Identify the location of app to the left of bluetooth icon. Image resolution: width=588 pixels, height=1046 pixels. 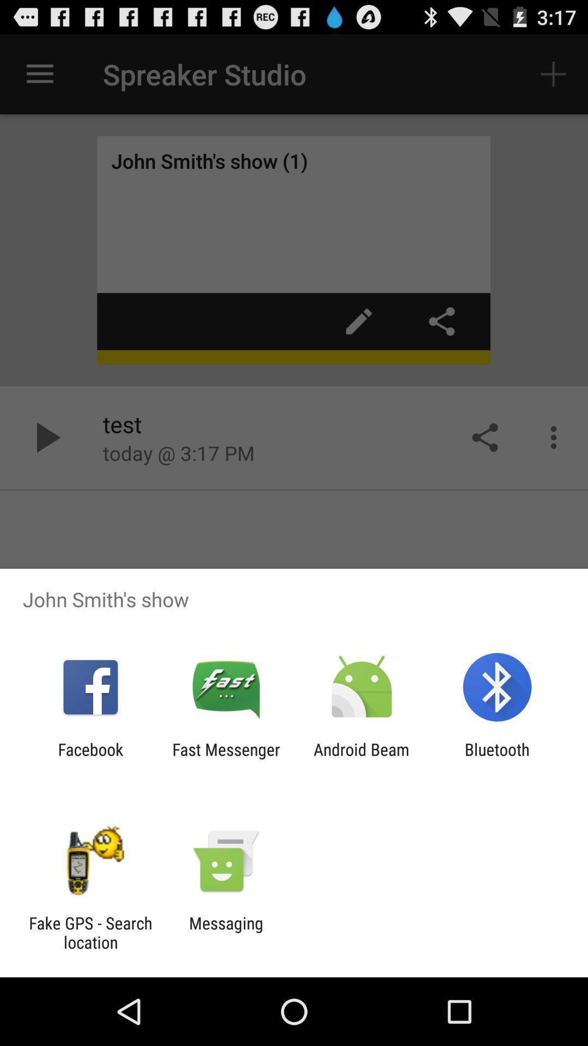
(362, 758).